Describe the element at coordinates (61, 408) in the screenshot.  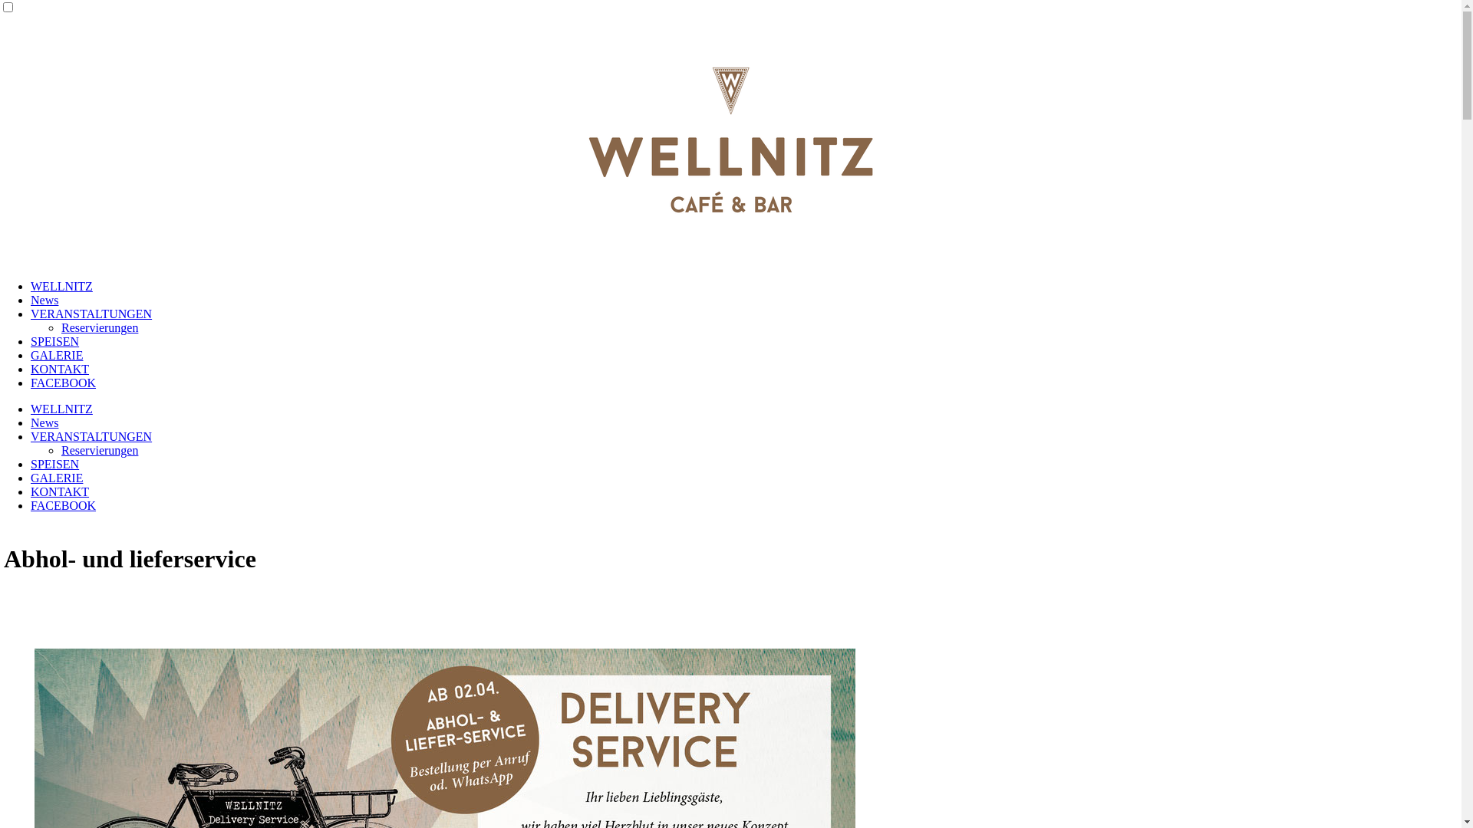
I see `'WELLNITZ'` at that location.